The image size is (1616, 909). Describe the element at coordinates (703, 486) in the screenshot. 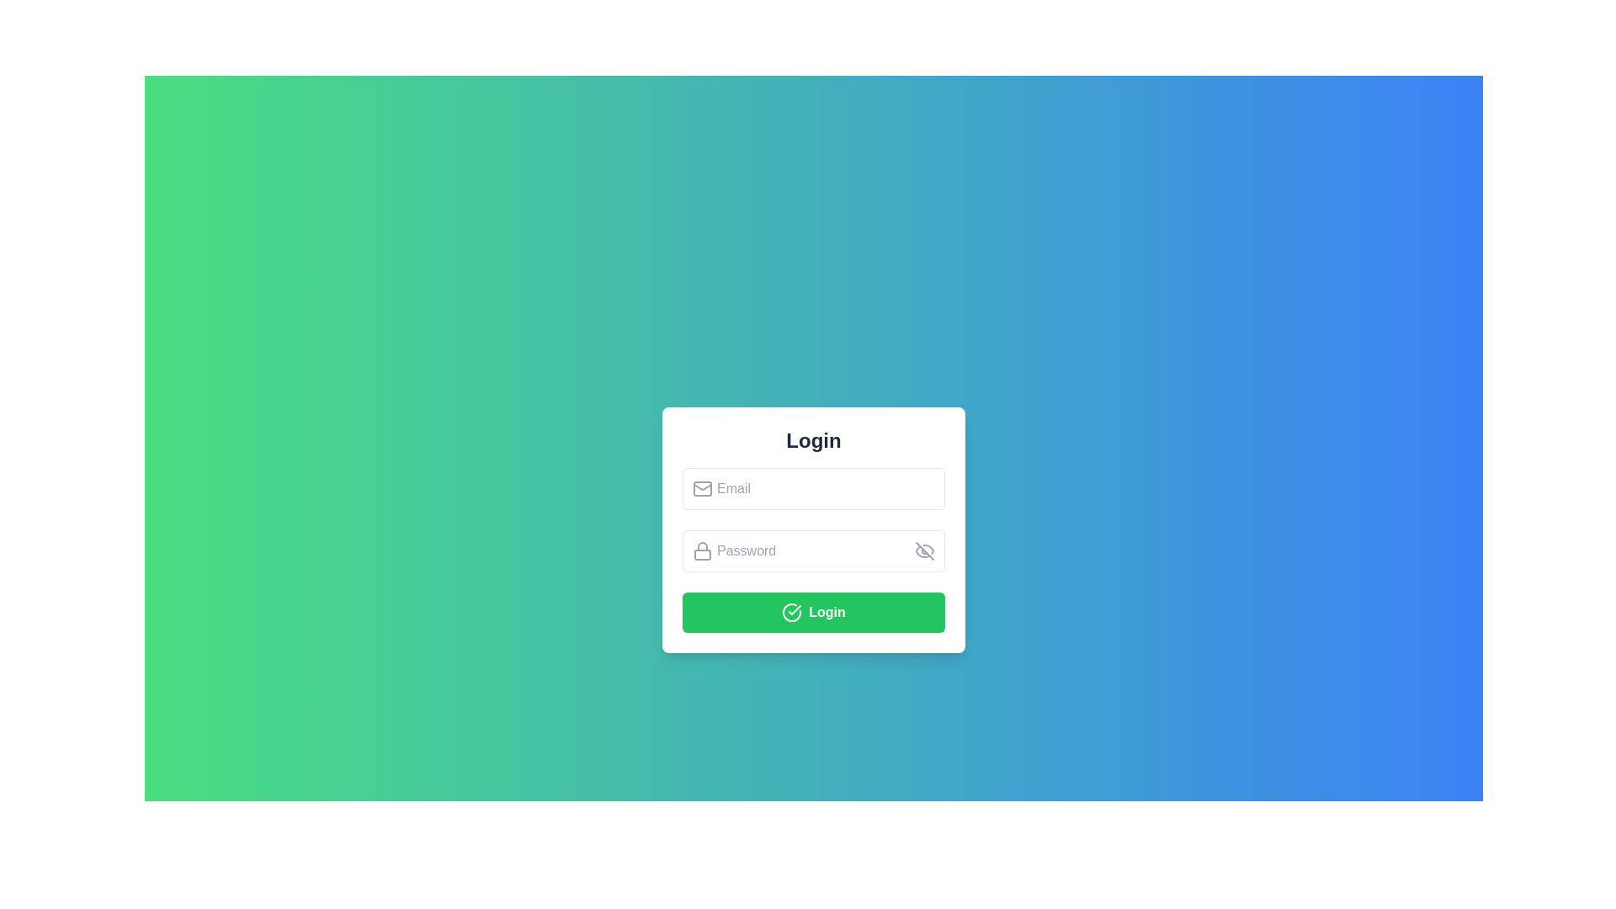

I see `the decorative email envelope icon located inside the SVG icon to the left of the email input textbox in the login form` at that location.